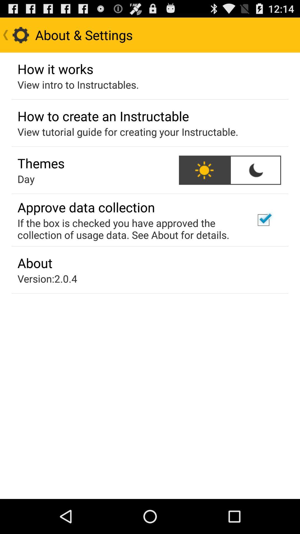  I want to click on the icon above how to create app, so click(78, 84).